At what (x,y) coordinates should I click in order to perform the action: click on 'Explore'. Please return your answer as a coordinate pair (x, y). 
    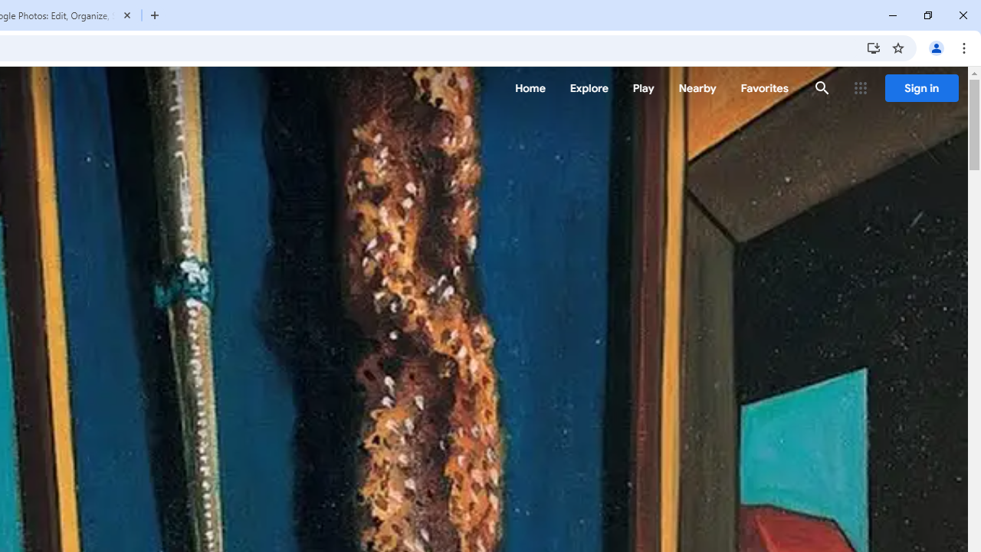
    Looking at the image, I should click on (588, 88).